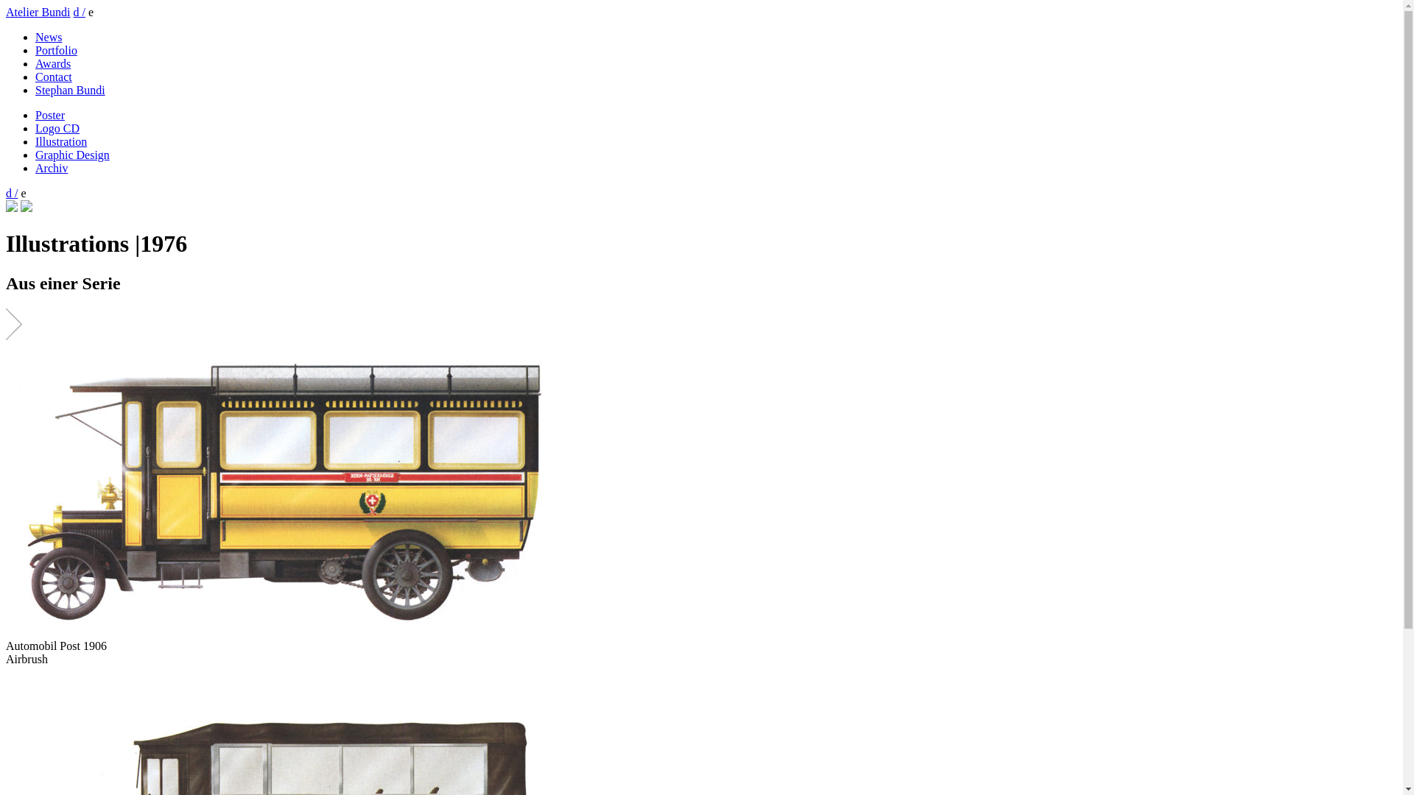 This screenshot has height=795, width=1414. Describe the element at coordinates (11, 192) in the screenshot. I see `'d /'` at that location.